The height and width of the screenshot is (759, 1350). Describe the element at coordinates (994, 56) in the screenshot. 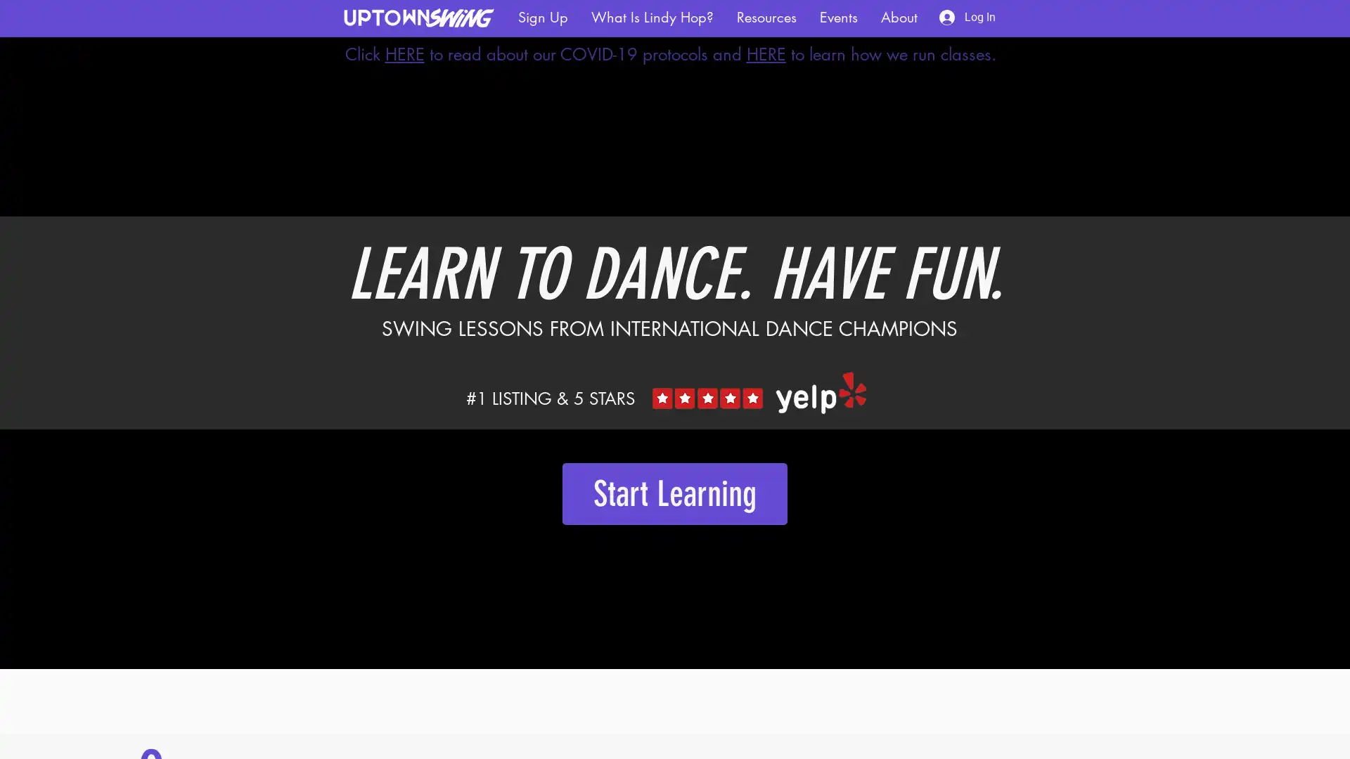

I see `Back to site` at that location.